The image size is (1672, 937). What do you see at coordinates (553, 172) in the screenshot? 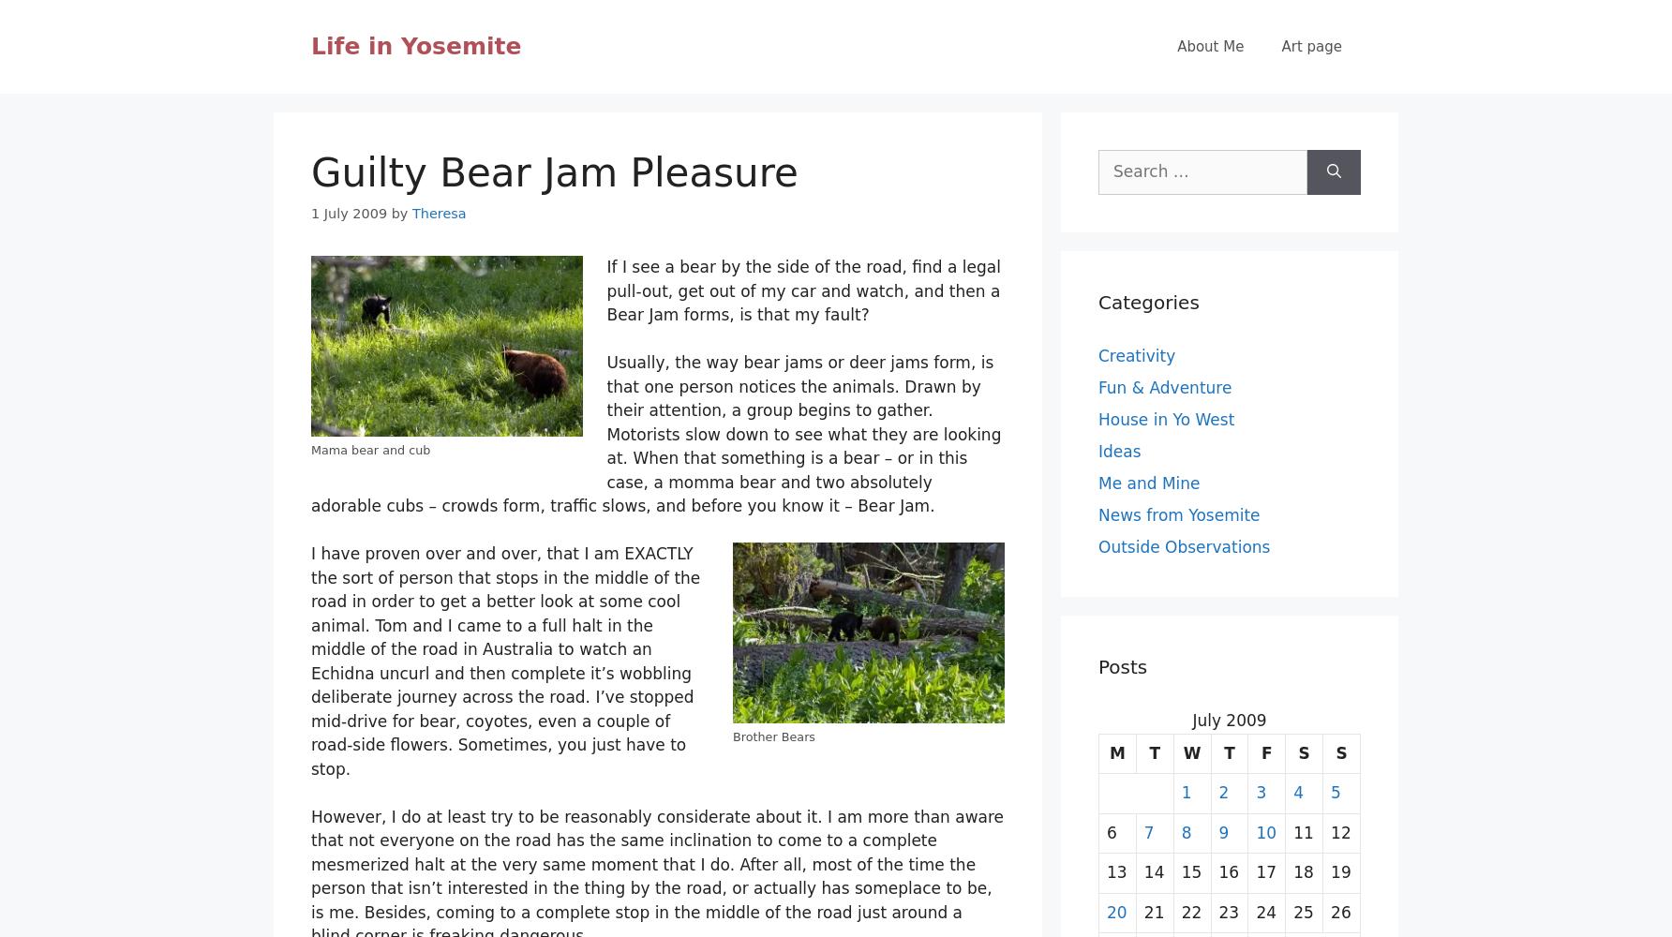
I see `'Guilty Bear Jam Pleasure'` at bounding box center [553, 172].